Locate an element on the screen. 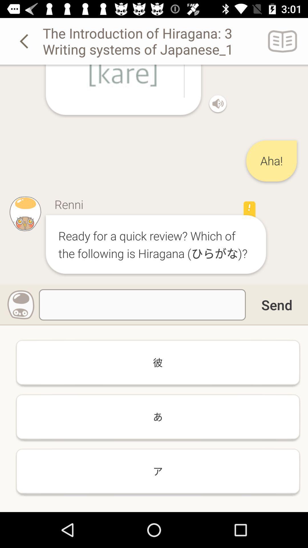 This screenshot has height=548, width=308. the image at left side of renni is located at coordinates (25, 213).